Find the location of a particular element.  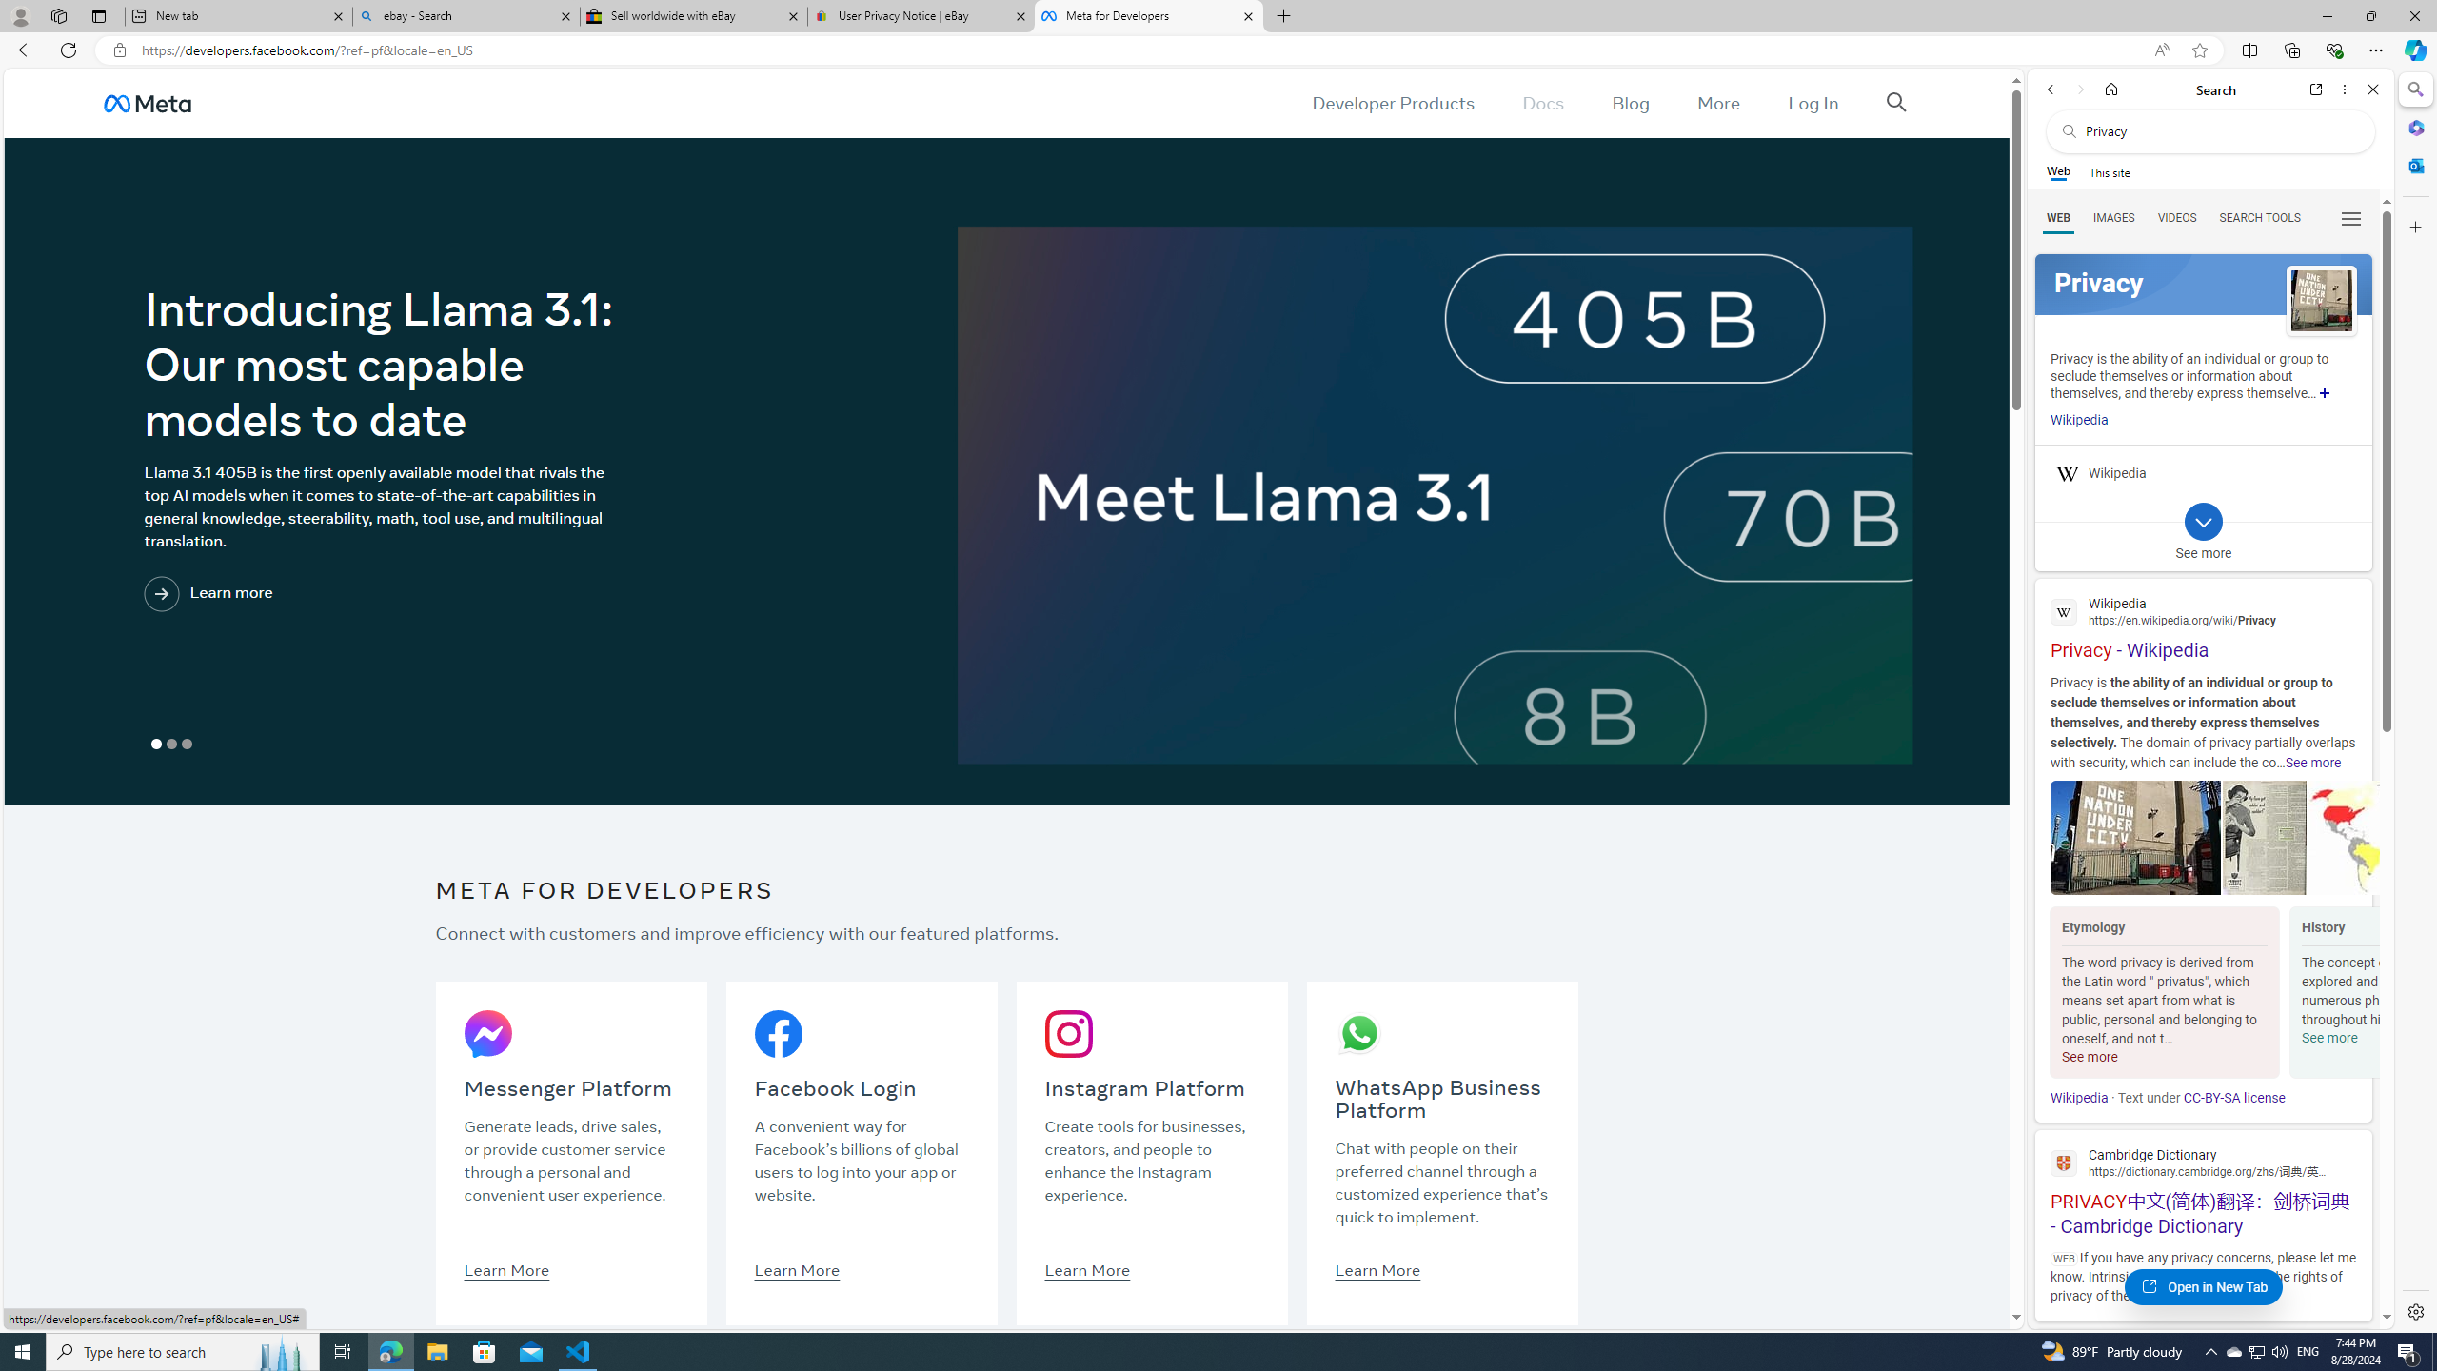

'Search Filter, IMAGES' is located at coordinates (2112, 216).